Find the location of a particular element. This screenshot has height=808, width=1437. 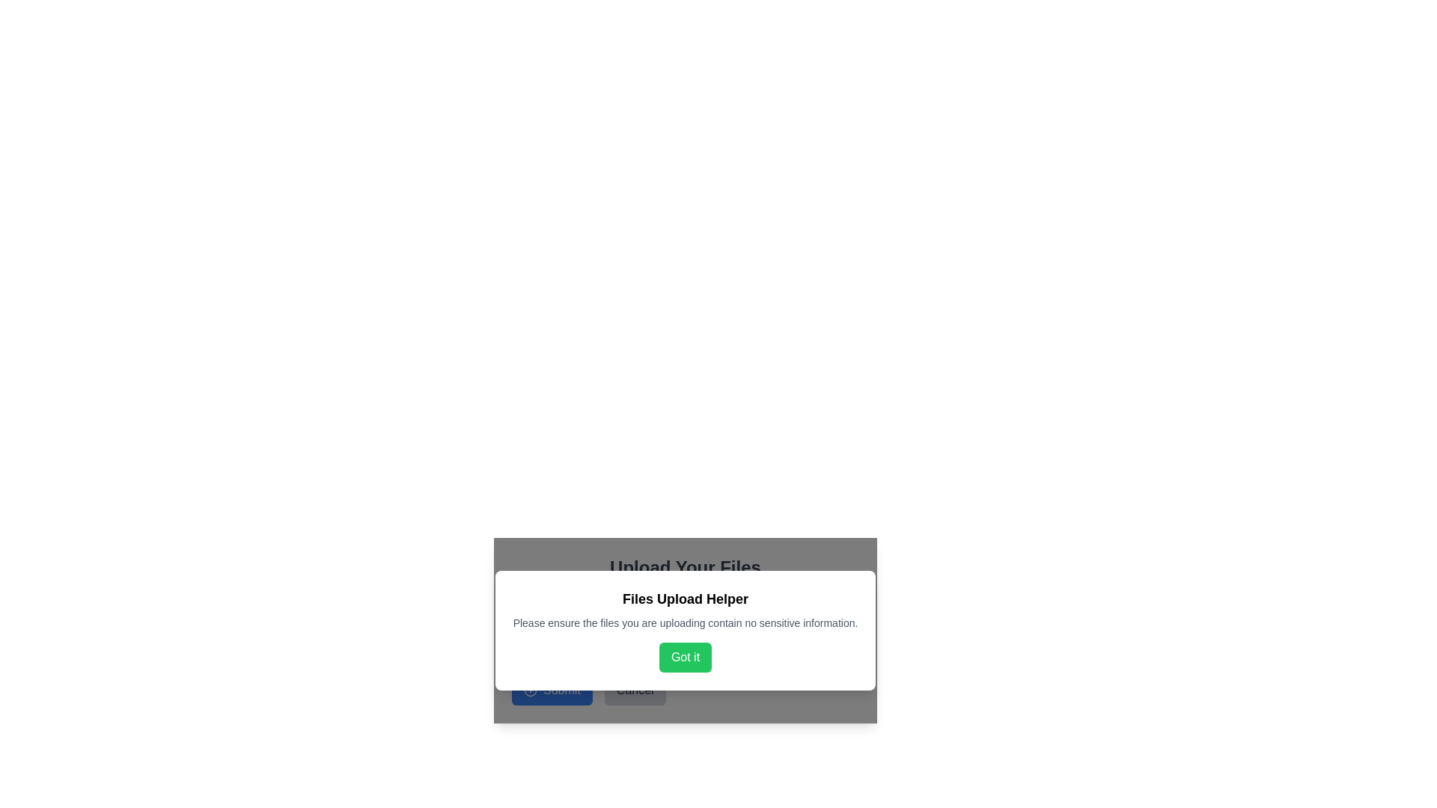

the submit button located at the bottom-left area of the modal dialog is located at coordinates (551, 690).